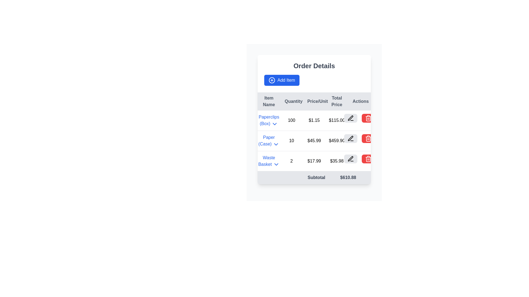 The image size is (529, 297). What do you see at coordinates (291, 141) in the screenshot?
I see `the text displaying the number '10' in the 'Quantity' column of the table, located in the second row under the 'Paper (Case)' item` at bounding box center [291, 141].